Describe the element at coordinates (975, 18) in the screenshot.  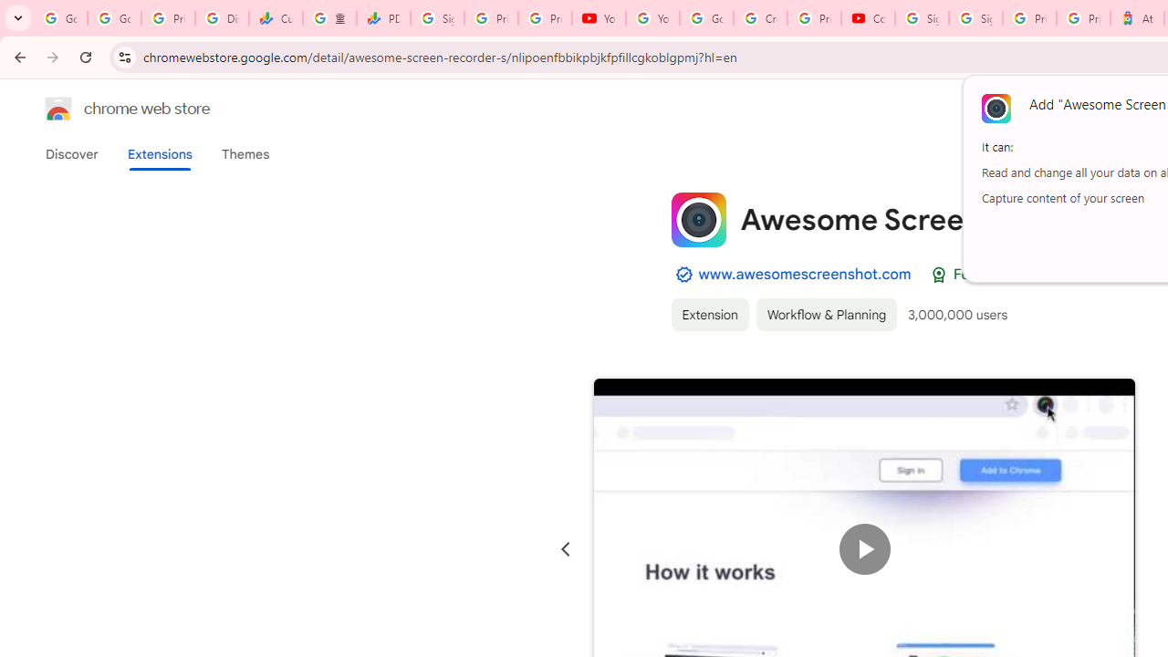
I see `'Sign in - Google Accounts'` at that location.